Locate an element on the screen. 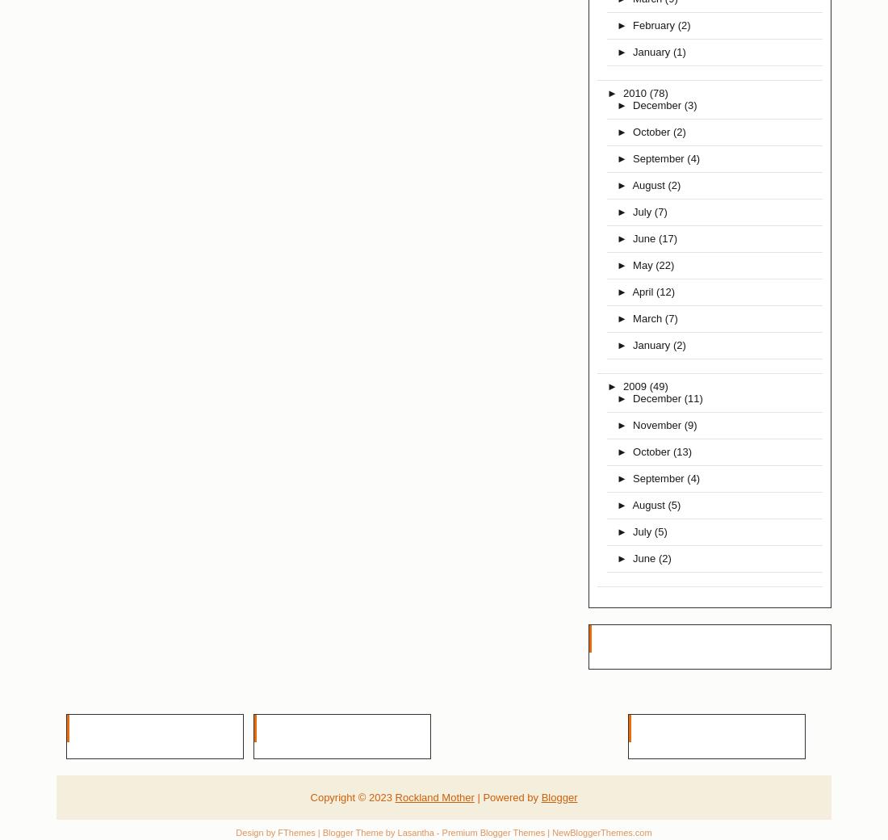  '(1)' is located at coordinates (677, 51).